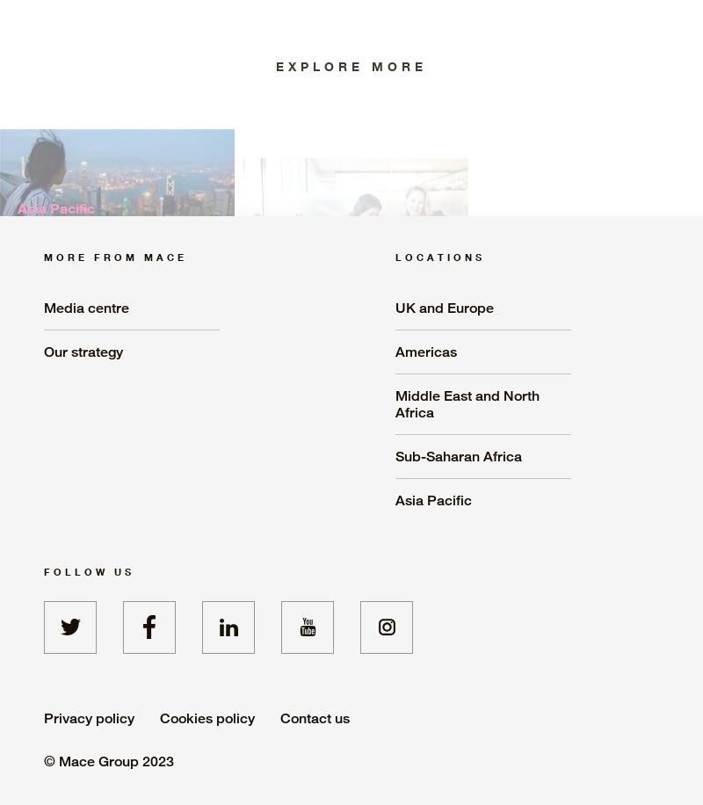  Describe the element at coordinates (458, 454) in the screenshot. I see `'Sub-Saharan Africa'` at that location.